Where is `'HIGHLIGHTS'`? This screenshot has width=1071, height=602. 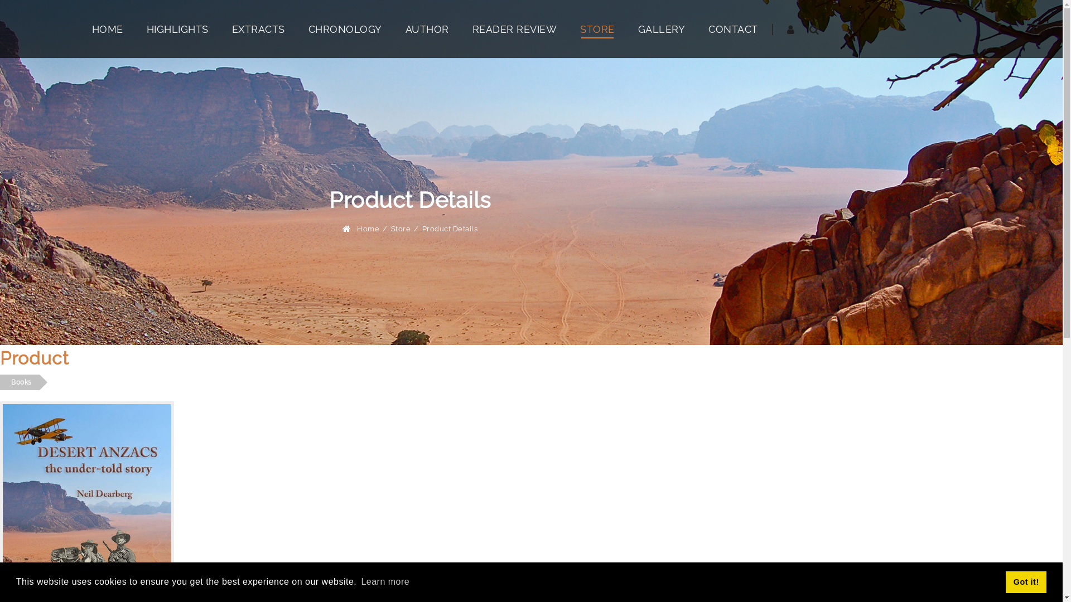 'HIGHLIGHTS' is located at coordinates (146, 28).